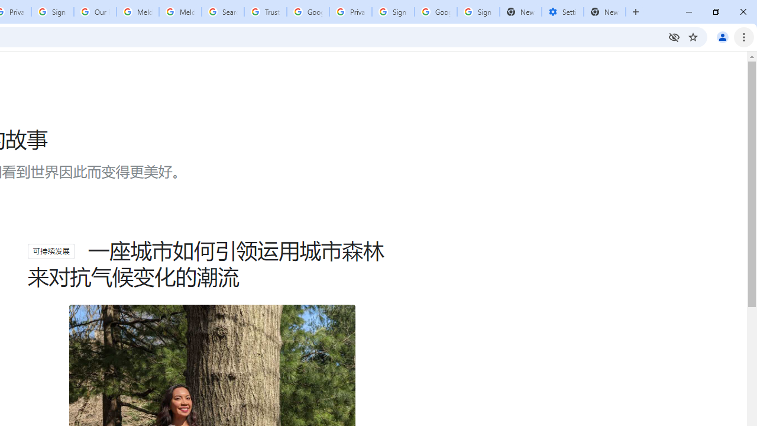 The height and width of the screenshot is (426, 757). Describe the element at coordinates (674, 36) in the screenshot. I see `'Third-party cookies blocked'` at that location.